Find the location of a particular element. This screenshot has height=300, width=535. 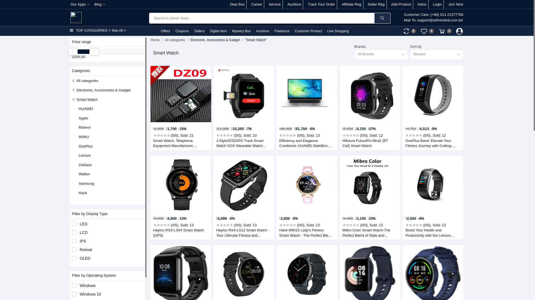

'0' is located at coordinates (409, 31).